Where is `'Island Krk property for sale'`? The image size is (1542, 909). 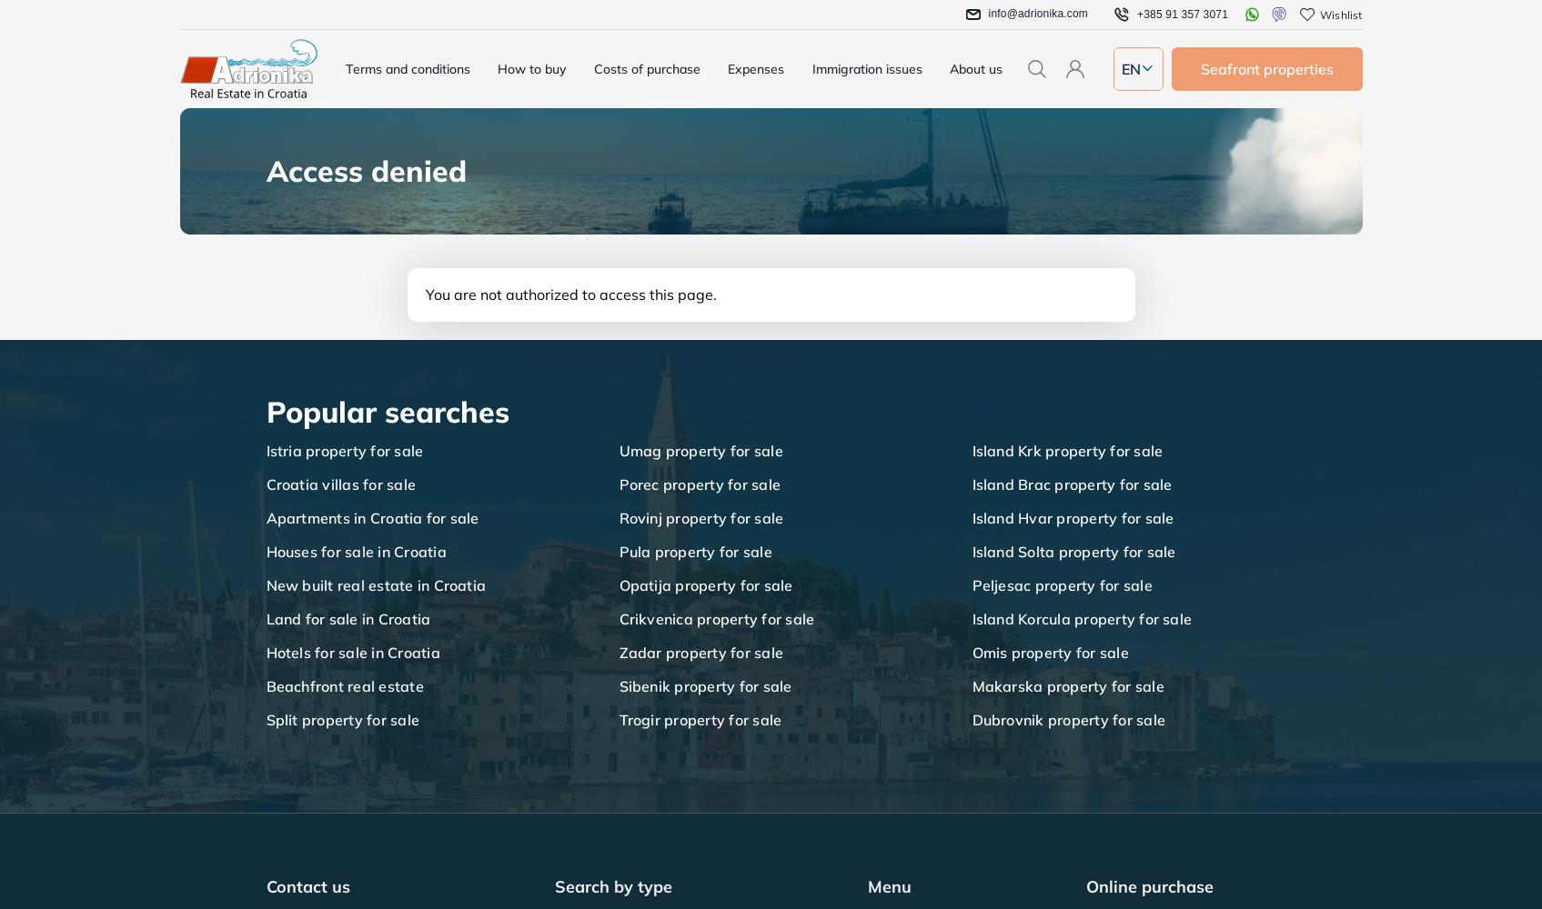 'Island Krk property for sale' is located at coordinates (1065, 450).